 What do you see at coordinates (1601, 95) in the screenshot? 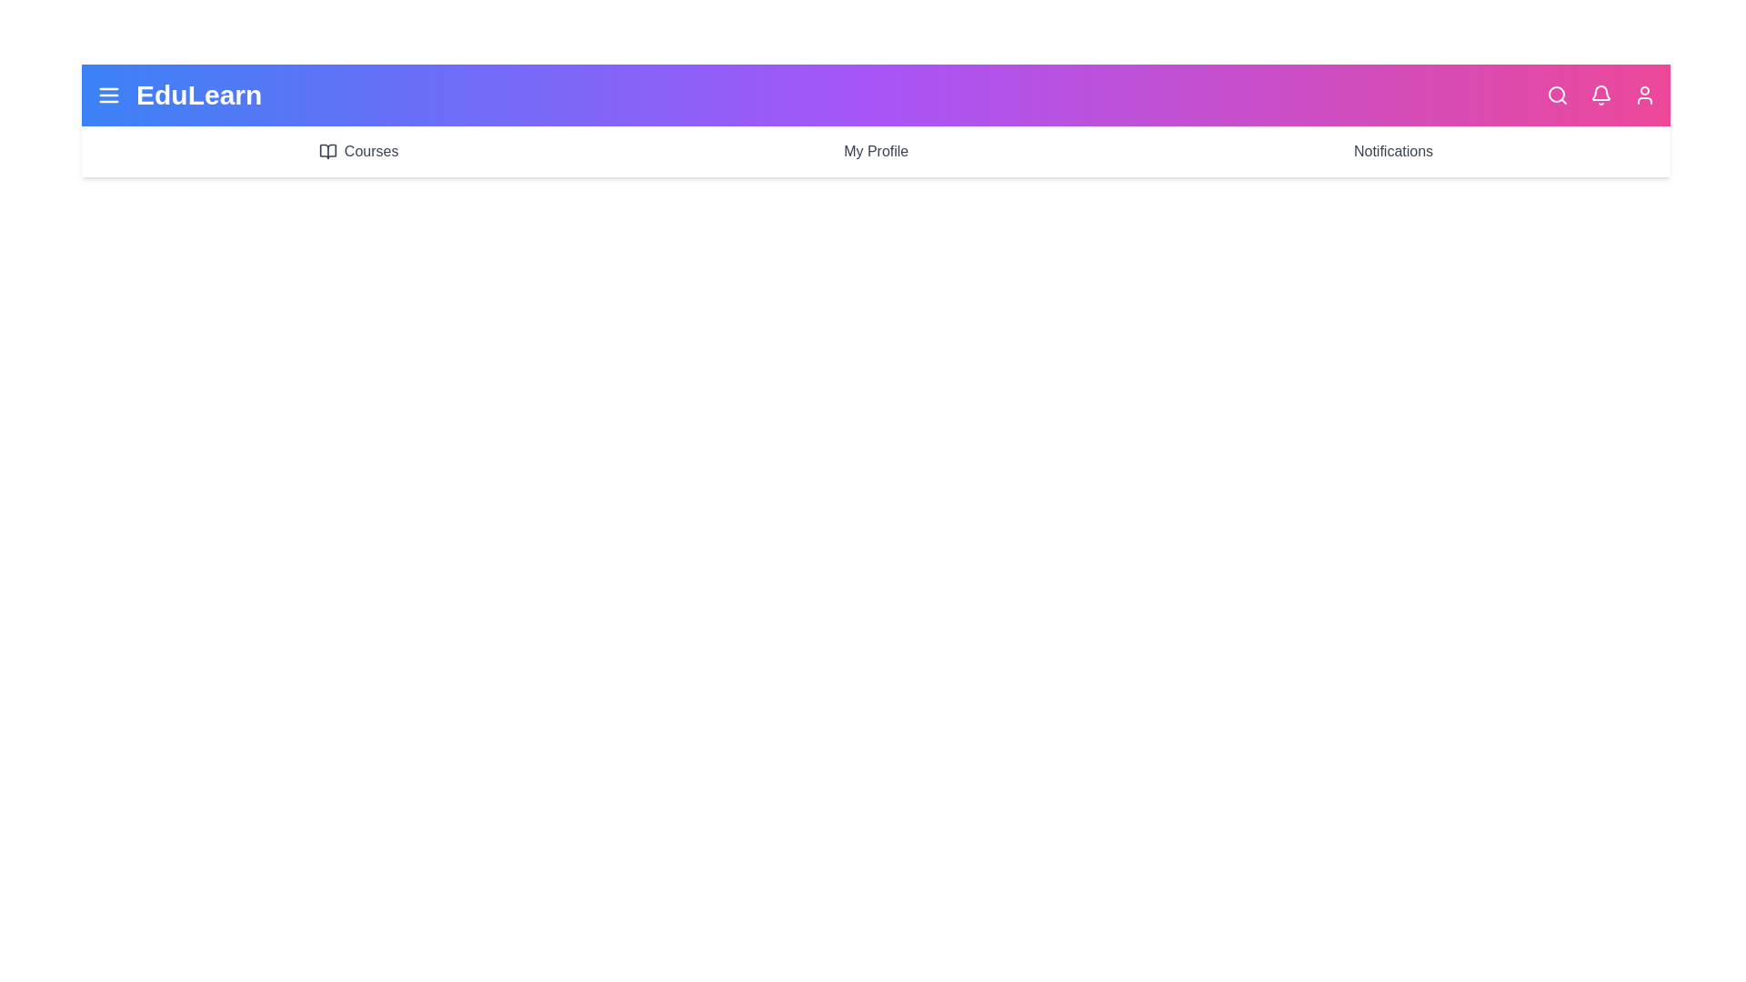
I see `the notification icon to view notifications` at bounding box center [1601, 95].